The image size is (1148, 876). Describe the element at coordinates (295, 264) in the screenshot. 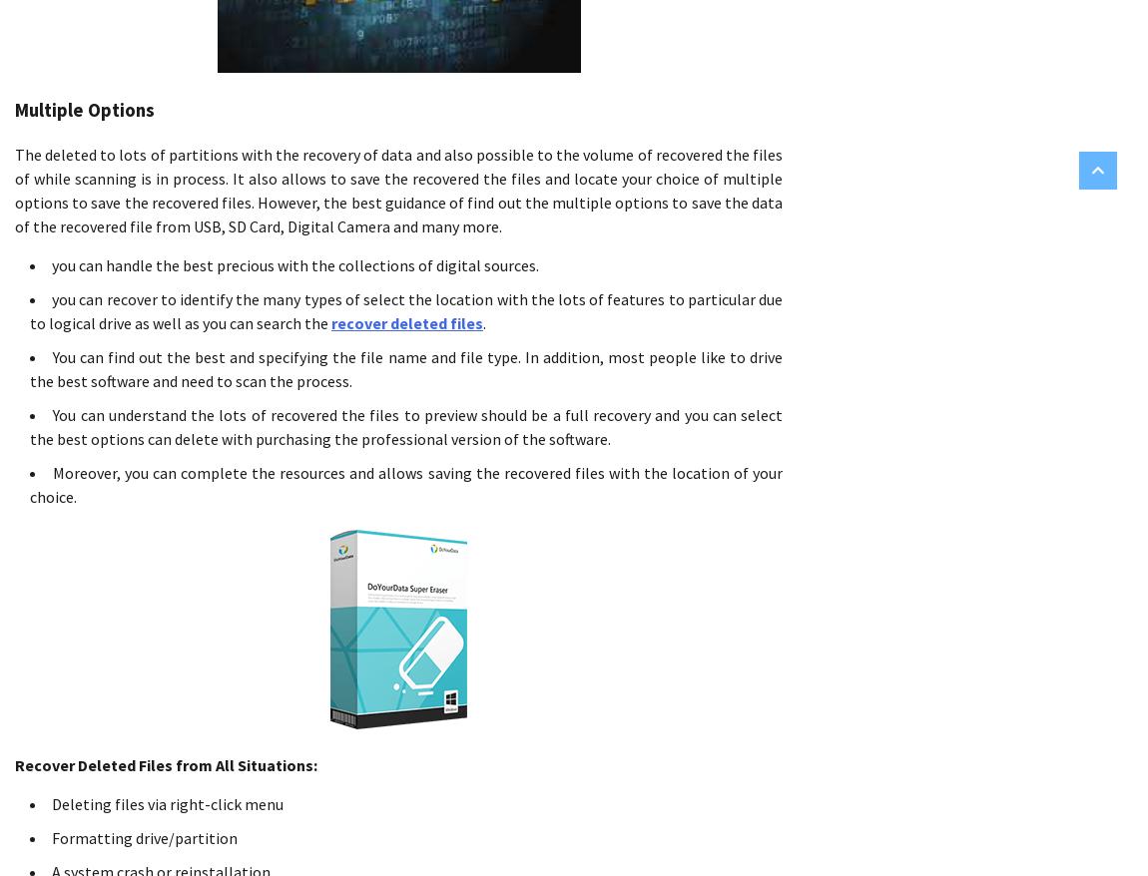

I see `'you can handle the best precious with the collections of digital sources.'` at that location.